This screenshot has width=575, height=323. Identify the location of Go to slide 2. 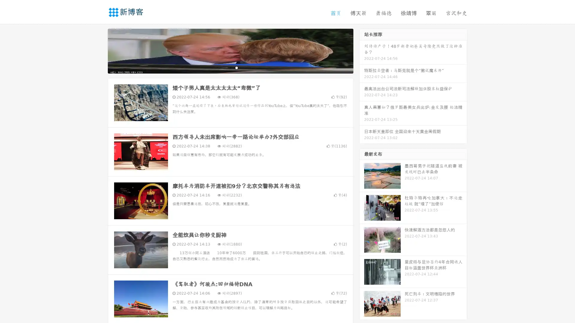
(230, 67).